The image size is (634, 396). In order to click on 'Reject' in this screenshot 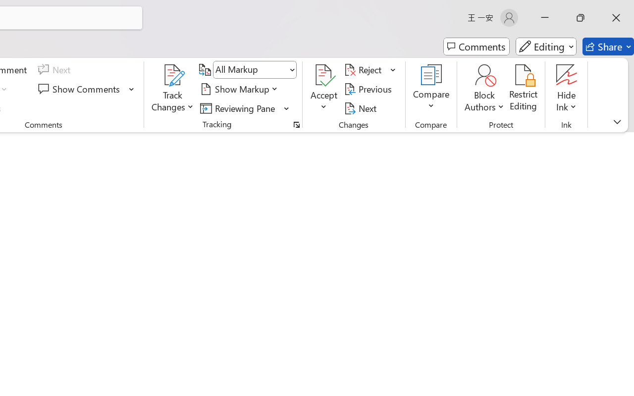, I will do `click(370, 70)`.